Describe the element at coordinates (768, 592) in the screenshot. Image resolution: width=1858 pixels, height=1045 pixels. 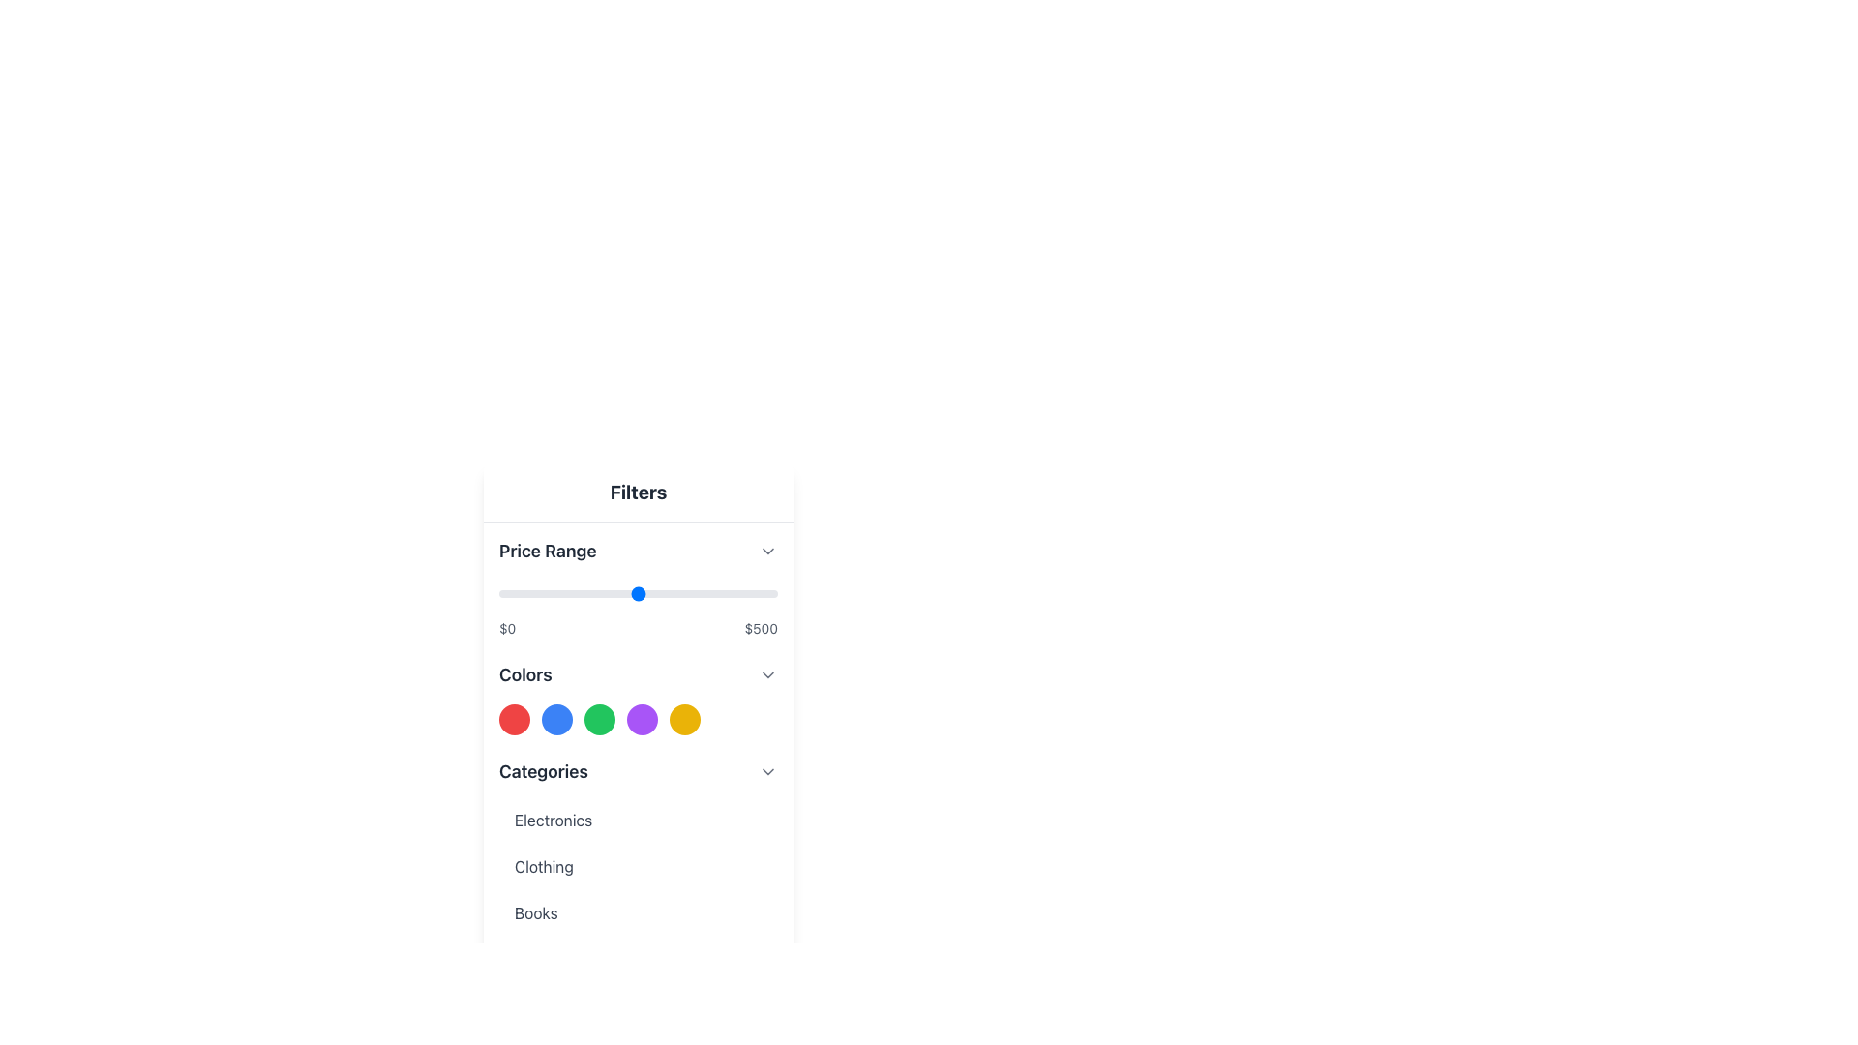
I see `the price range slider` at that location.